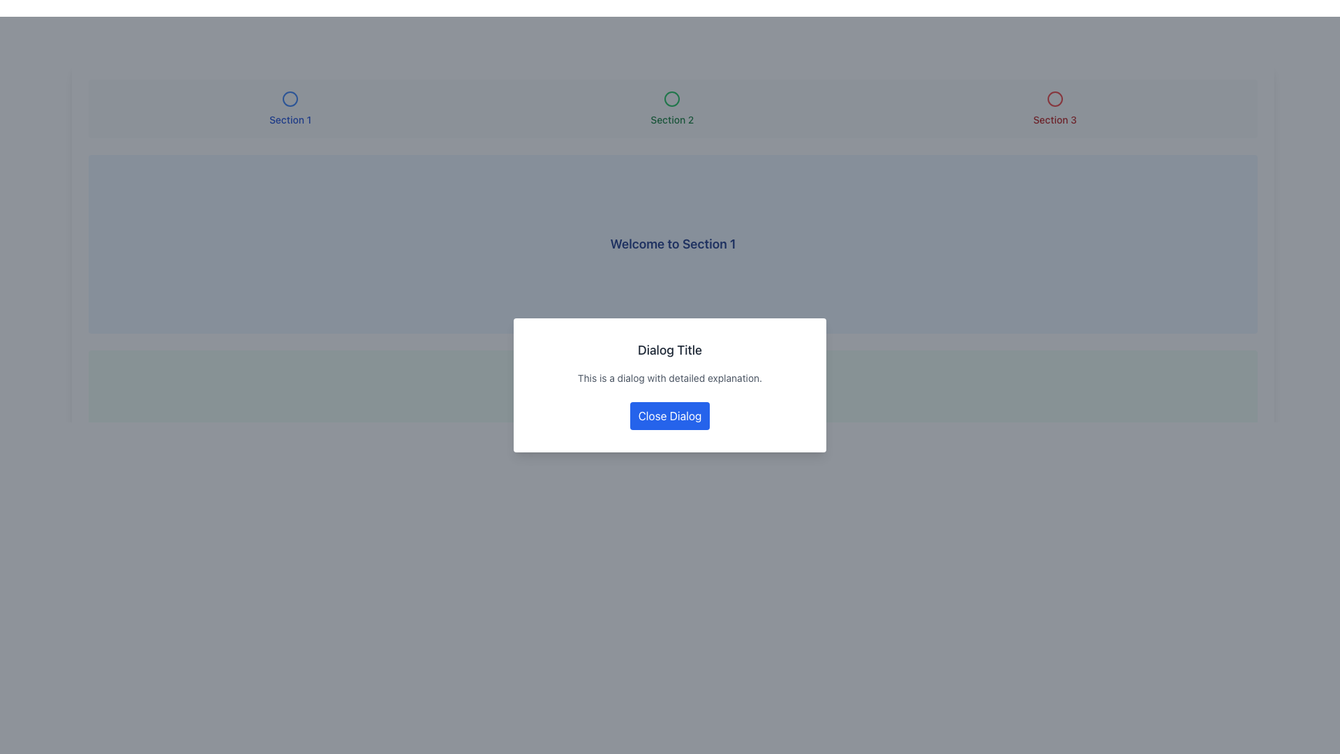  I want to click on the hyperlink with a red circular icon and the text 'Section 3', so click(1055, 108).